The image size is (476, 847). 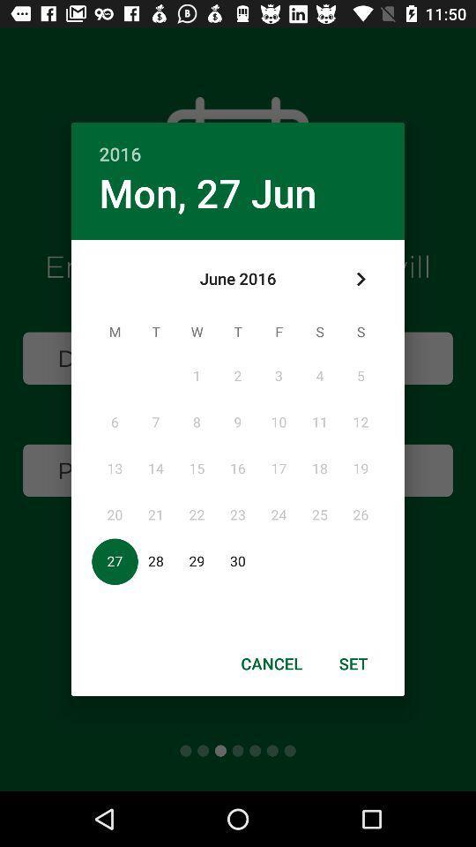 What do you see at coordinates (353, 663) in the screenshot?
I see `item at the bottom right corner` at bounding box center [353, 663].